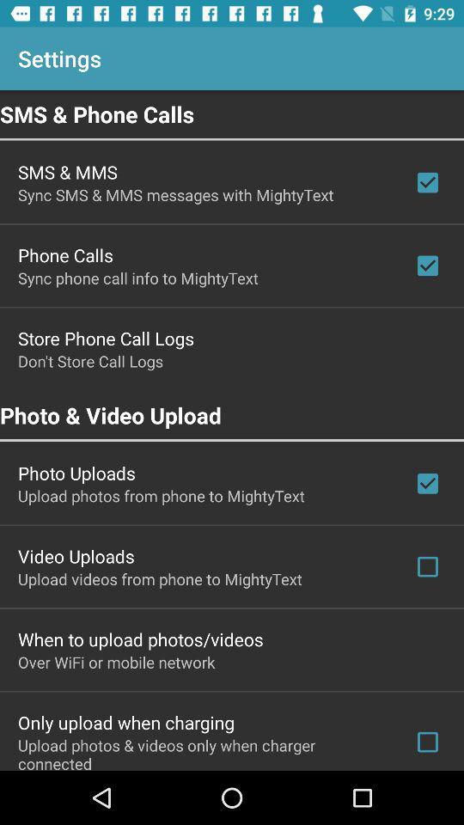  I want to click on the app above upload photos from item, so click(76, 473).